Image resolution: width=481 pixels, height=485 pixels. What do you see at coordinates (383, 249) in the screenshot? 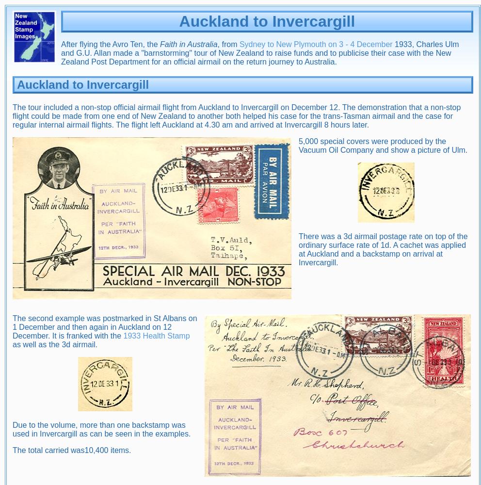
I see `'There was a 3d airmail postage rate on top of the ordinary
surface rate of 1d.
A cachet was applied at Auckland and a backstamp on arrival
at Invercargill.'` at bounding box center [383, 249].